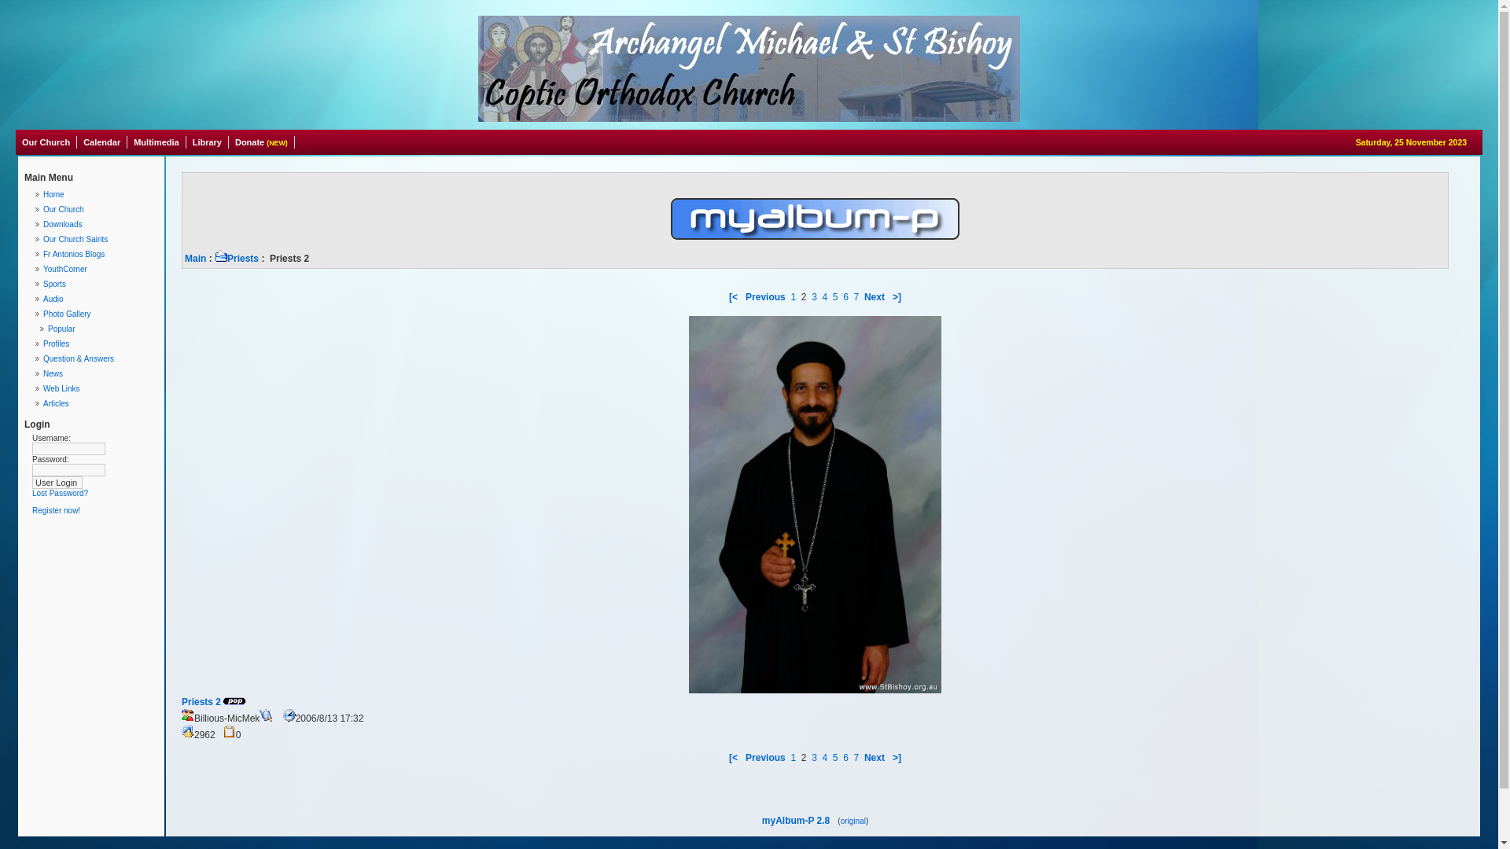  Describe the element at coordinates (874, 297) in the screenshot. I see `'Next'` at that location.